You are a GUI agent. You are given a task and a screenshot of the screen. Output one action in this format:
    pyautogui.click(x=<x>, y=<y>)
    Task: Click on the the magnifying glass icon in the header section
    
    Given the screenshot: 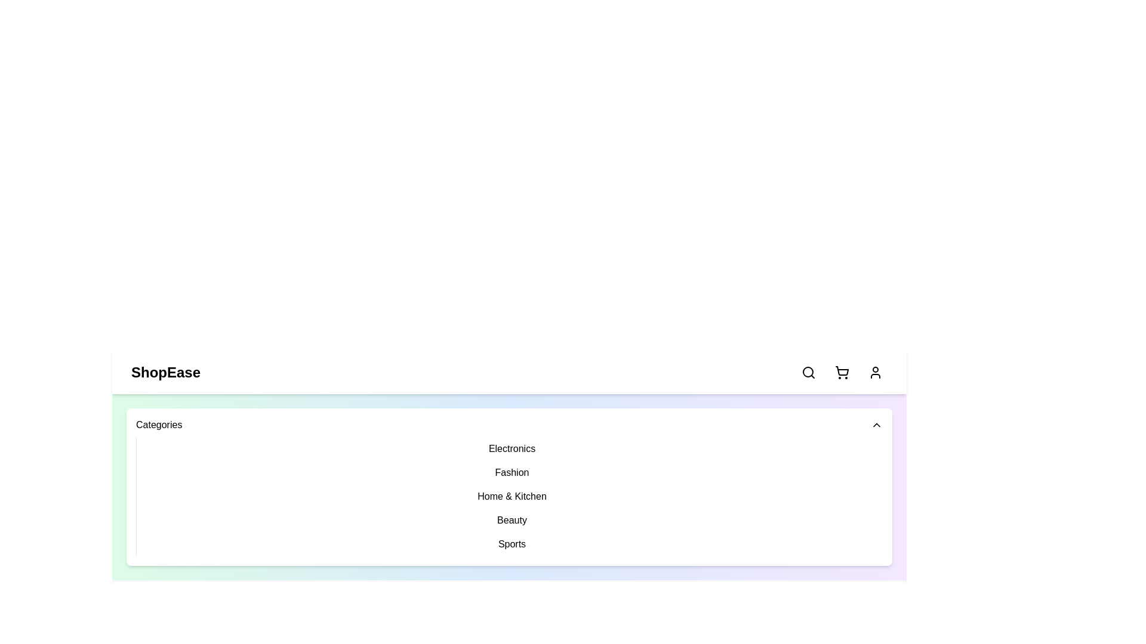 What is the action you would take?
    pyautogui.click(x=808, y=371)
    